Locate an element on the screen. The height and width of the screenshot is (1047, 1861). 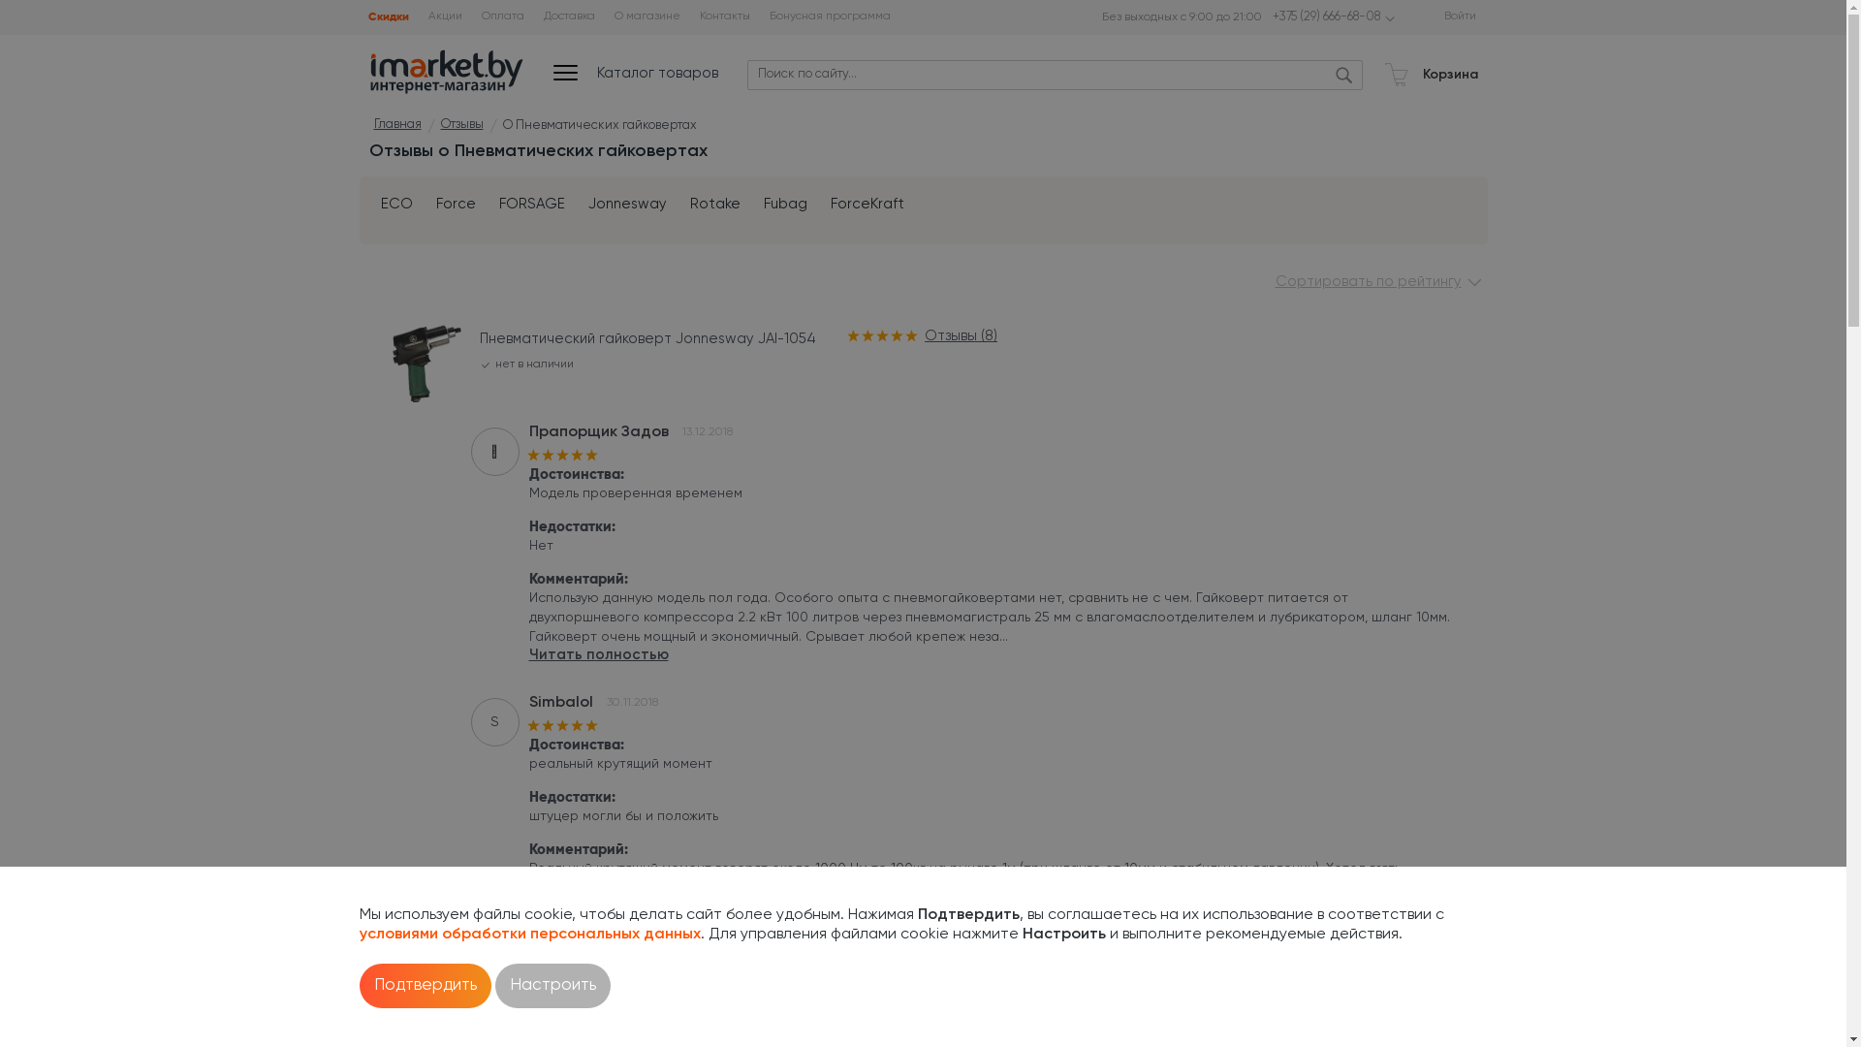
'Fubag' is located at coordinates (751, 205).